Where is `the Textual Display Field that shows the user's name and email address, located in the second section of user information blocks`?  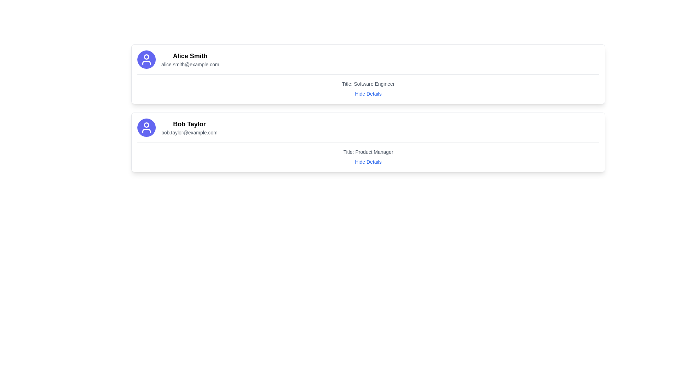
the Textual Display Field that shows the user's name and email address, located in the second section of user information blocks is located at coordinates (189, 128).